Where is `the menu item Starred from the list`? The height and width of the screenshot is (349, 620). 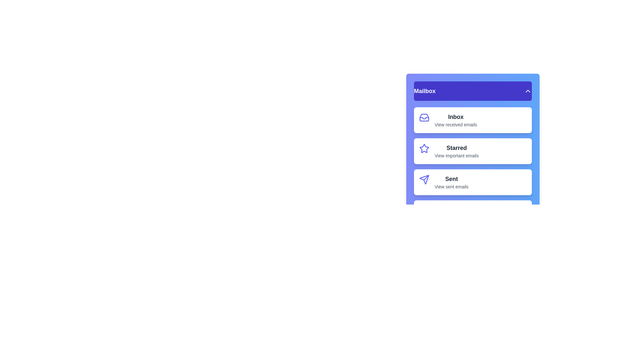
the menu item Starred from the list is located at coordinates (473, 151).